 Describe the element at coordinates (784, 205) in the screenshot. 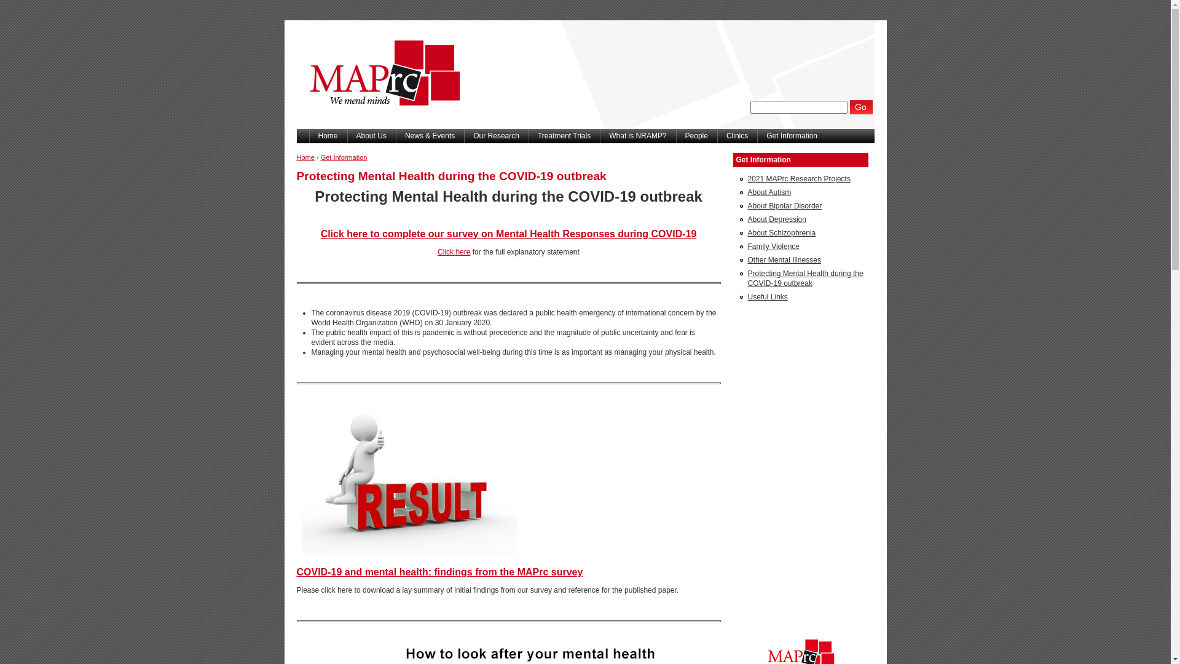

I see `'About Bipolar Disorder'` at that location.